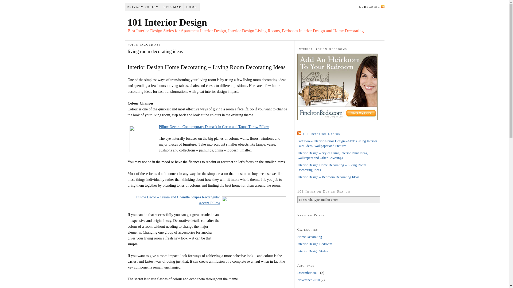 The height and width of the screenshot is (288, 513). I want to click on 'SITE MAP', so click(172, 7).